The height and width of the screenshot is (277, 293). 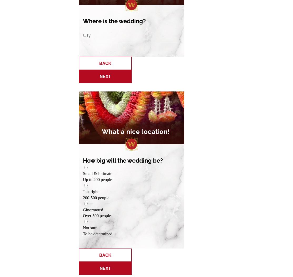 I want to click on 'Where is the wedding?', so click(x=114, y=21).